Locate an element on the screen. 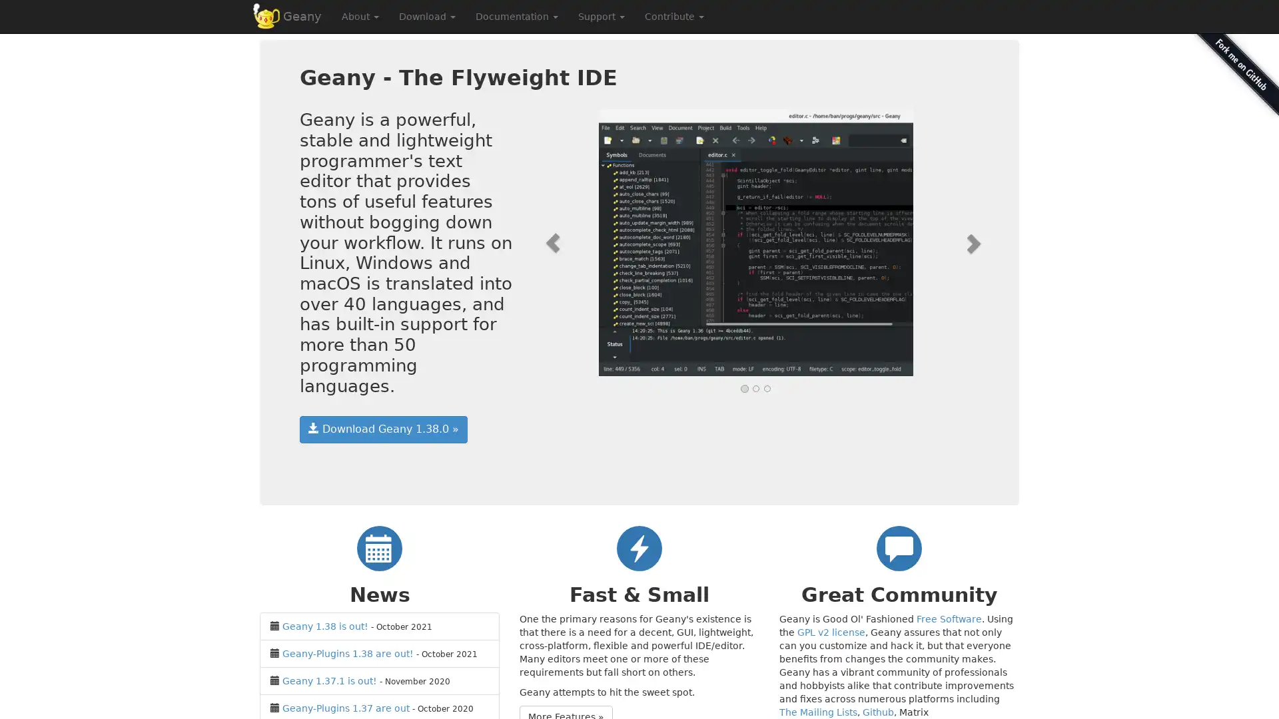 This screenshot has height=719, width=1279. Next is located at coordinates (945, 243).